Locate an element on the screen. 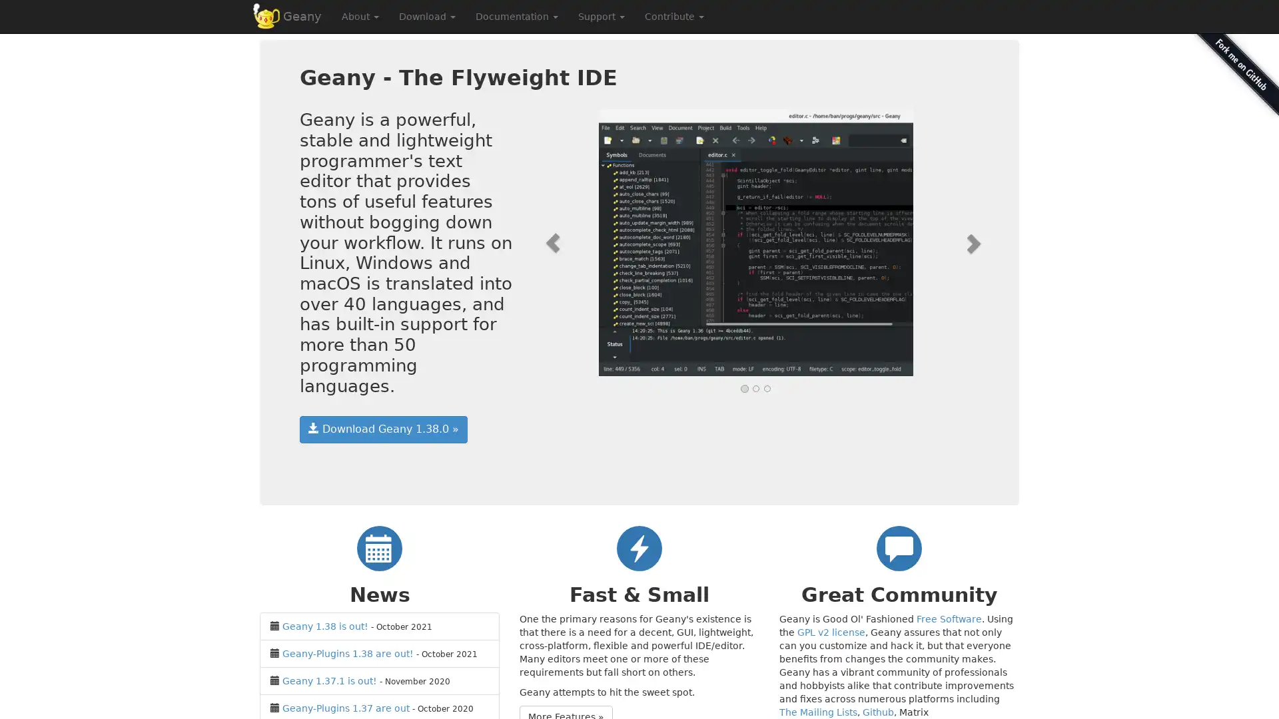 This screenshot has height=719, width=1279. Next is located at coordinates (945, 243).